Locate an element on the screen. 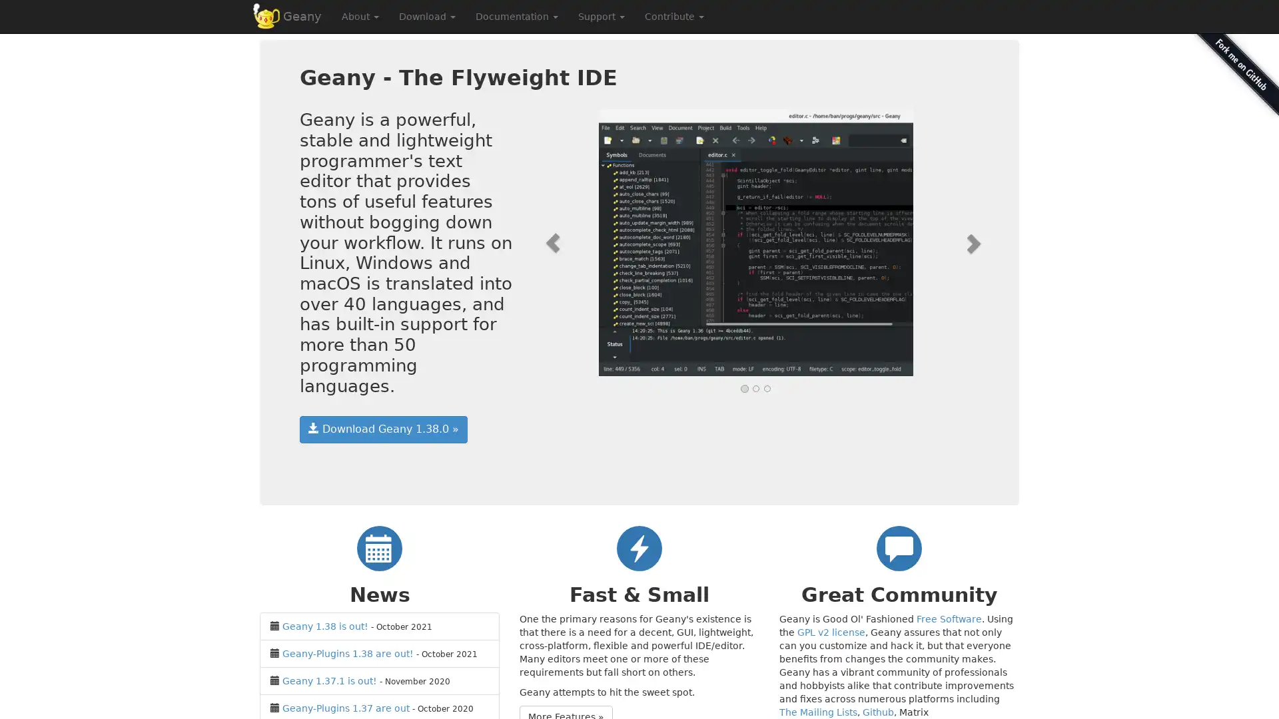 This screenshot has height=719, width=1279. Next is located at coordinates (945, 243).